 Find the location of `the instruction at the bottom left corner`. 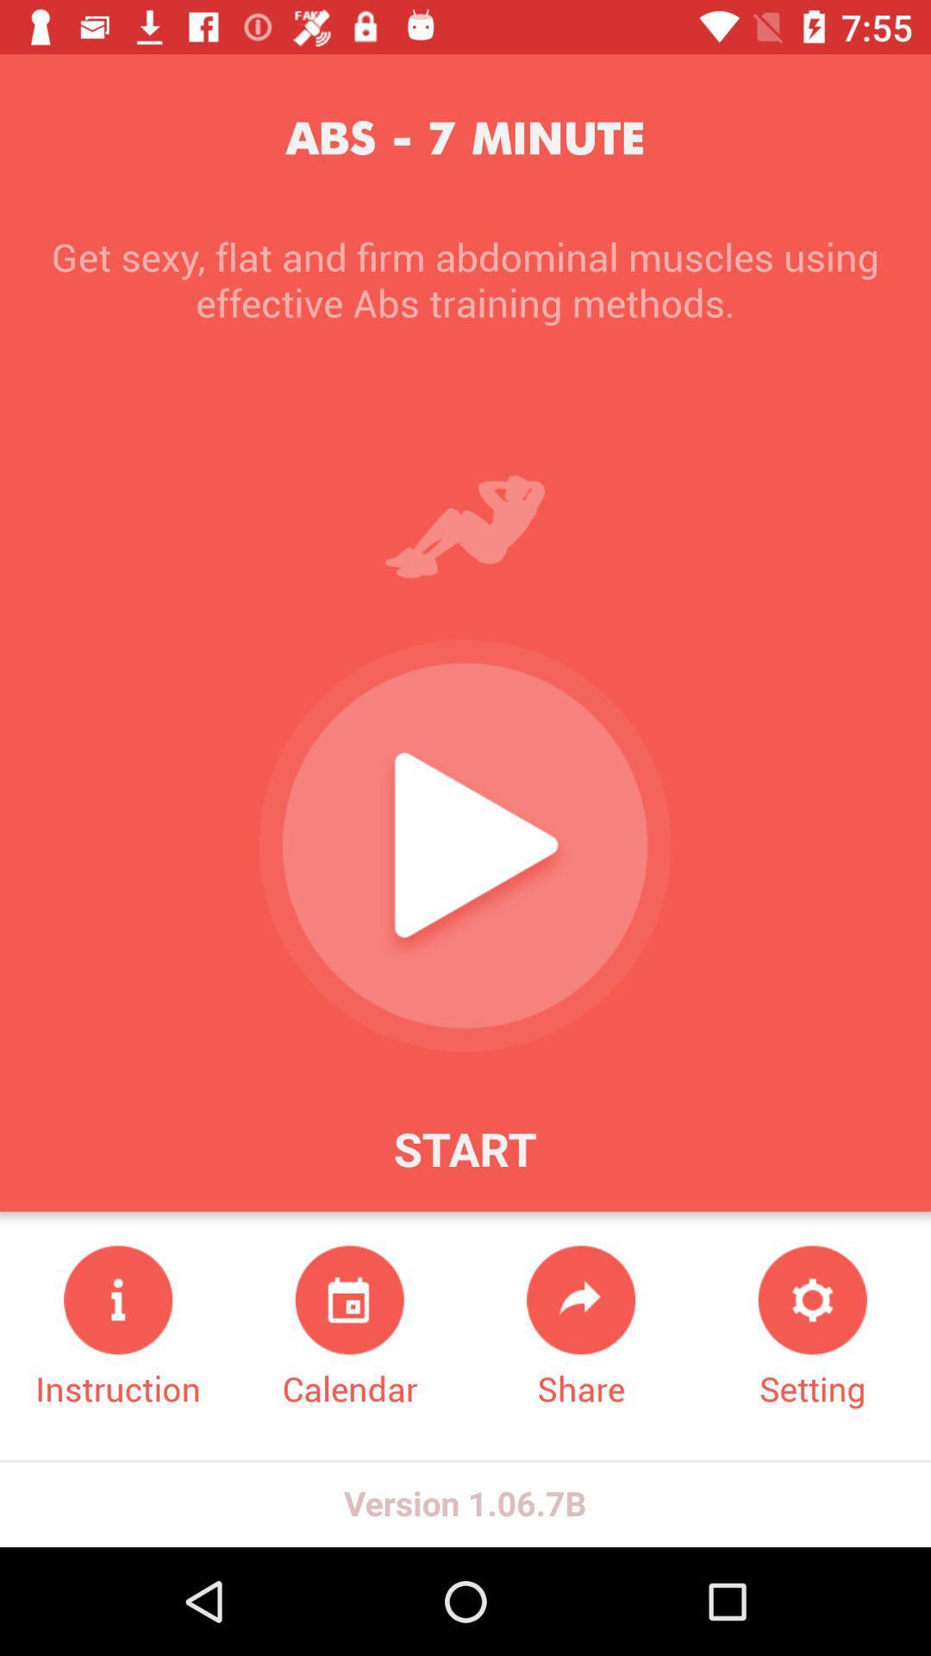

the instruction at the bottom left corner is located at coordinates (117, 1327).